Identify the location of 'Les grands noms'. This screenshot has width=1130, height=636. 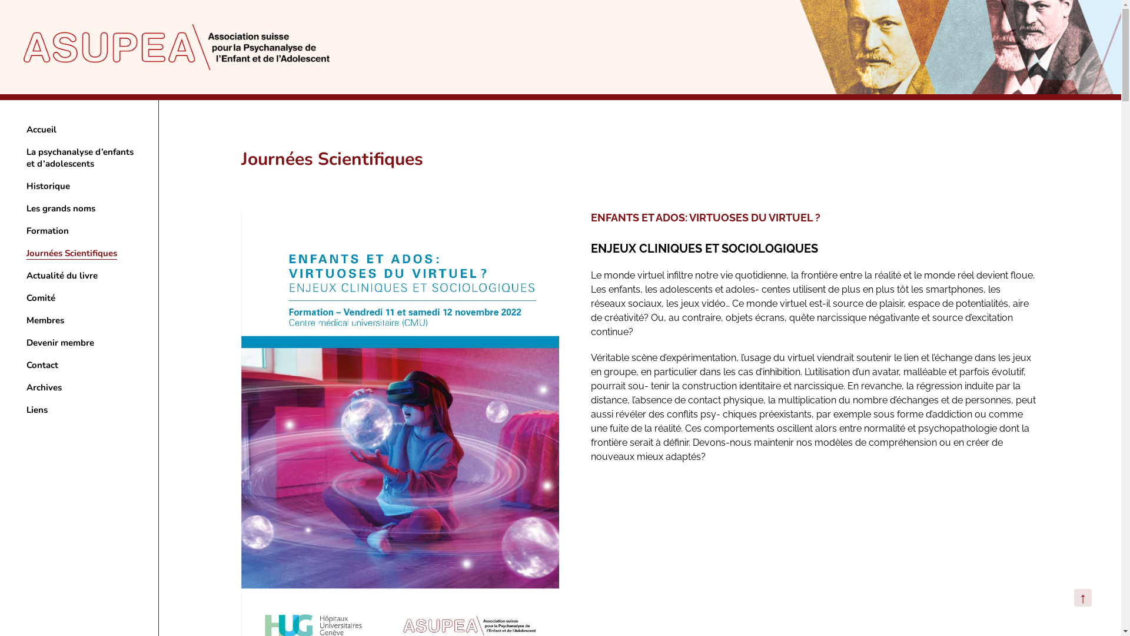
(26, 208).